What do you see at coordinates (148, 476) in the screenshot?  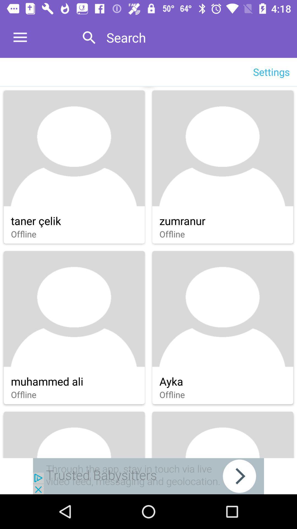 I see `open an advertisements` at bounding box center [148, 476].